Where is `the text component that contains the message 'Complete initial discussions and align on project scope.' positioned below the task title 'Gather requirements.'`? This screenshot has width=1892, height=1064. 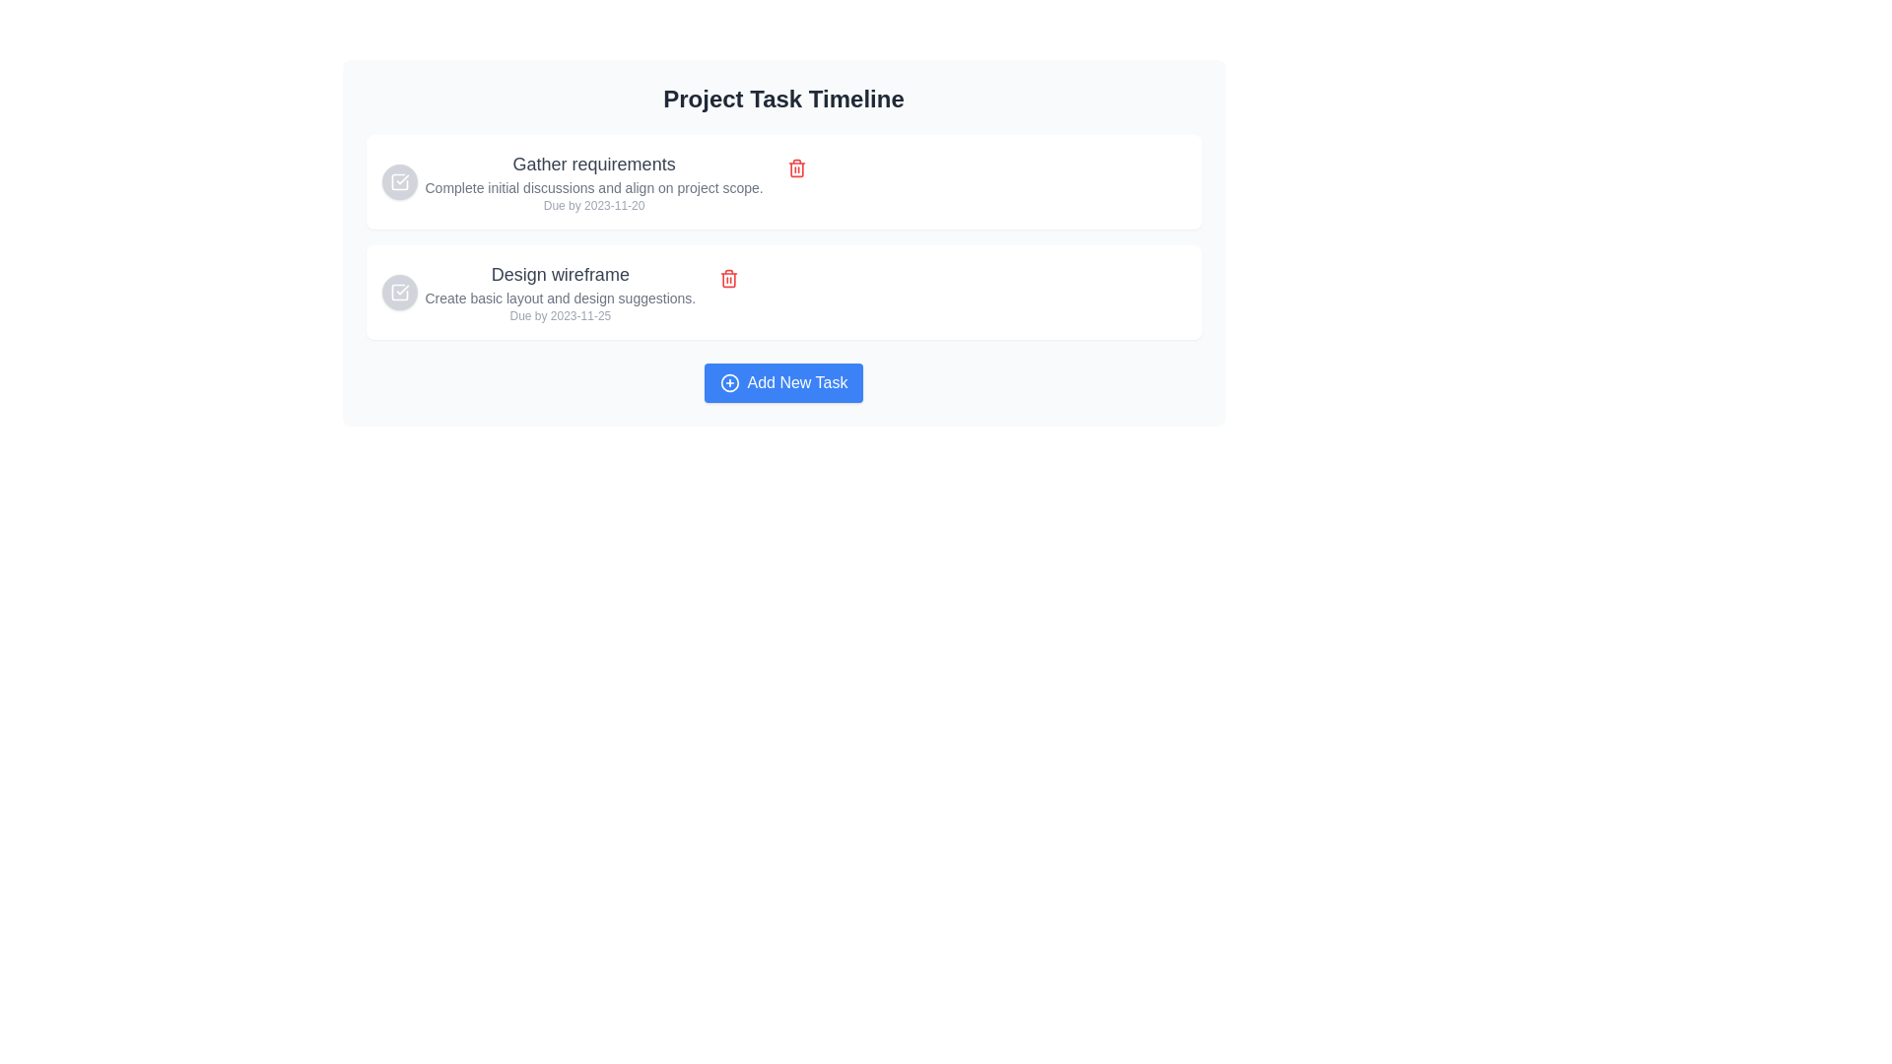 the text component that contains the message 'Complete initial discussions and align on project scope.' positioned below the task title 'Gather requirements.' is located at coordinates (593, 188).